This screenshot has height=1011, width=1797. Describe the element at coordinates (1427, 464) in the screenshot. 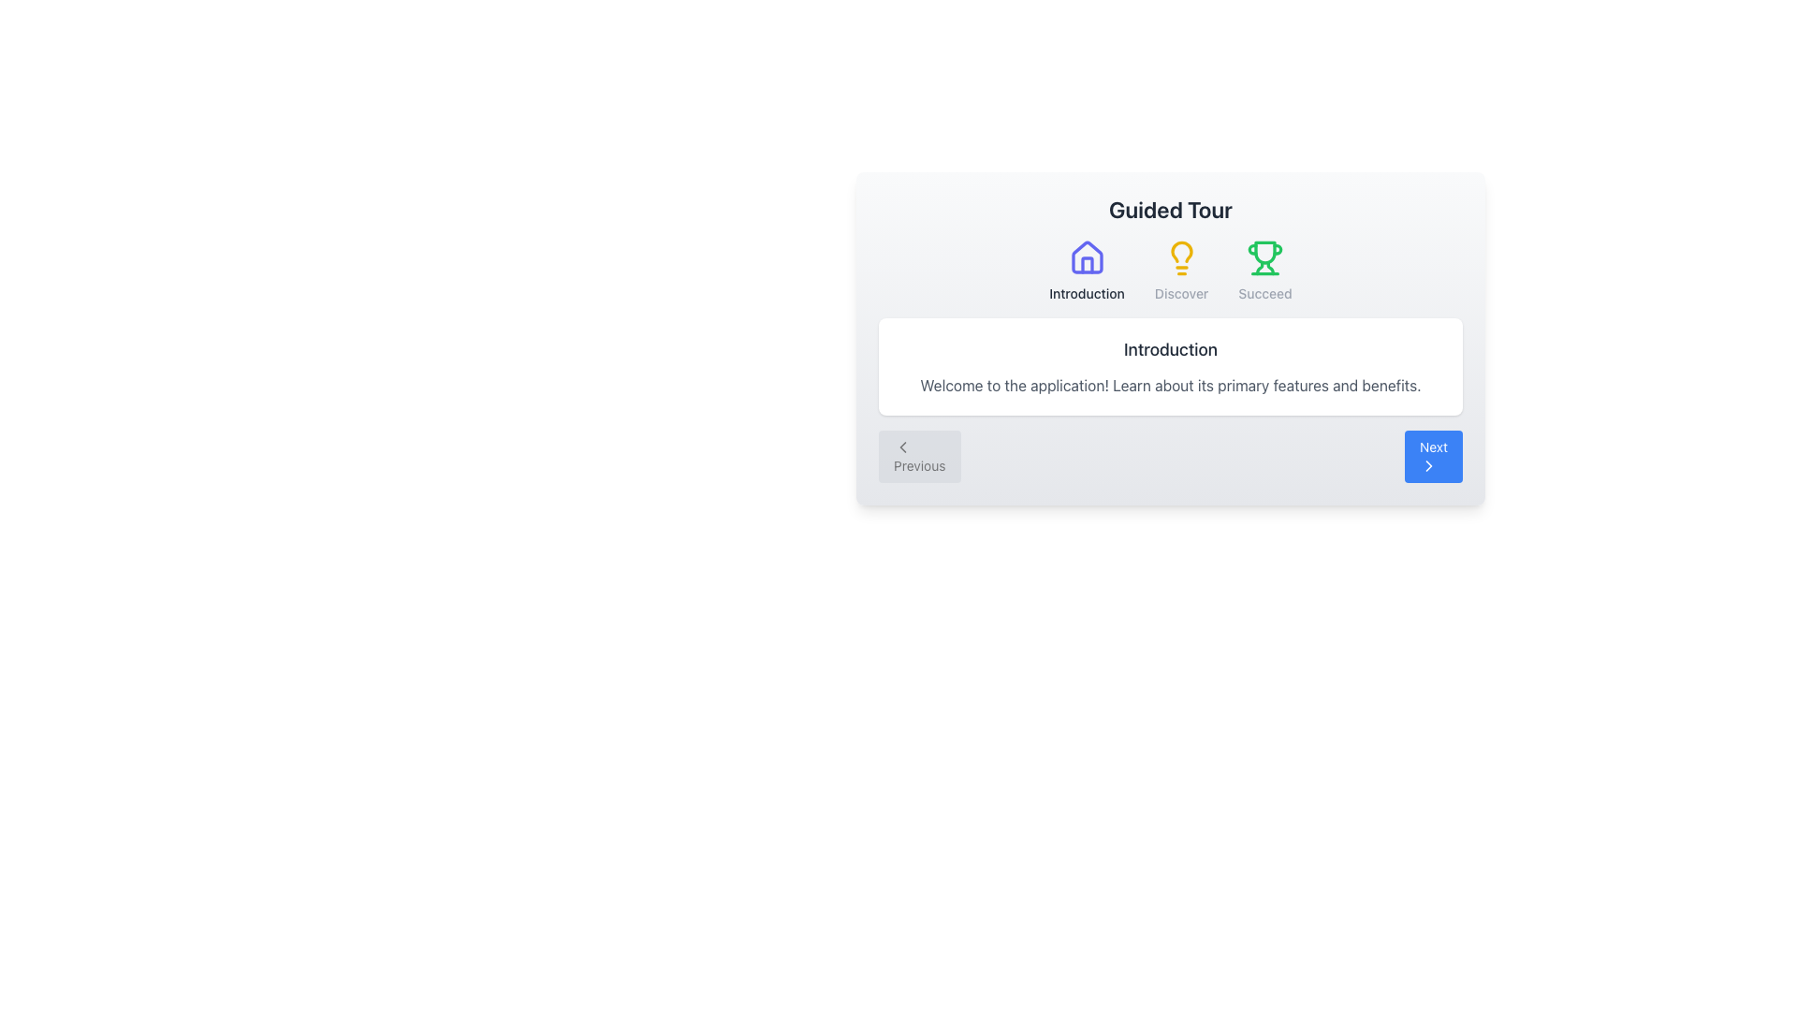

I see `the 'Next' button located in the bottom-right corner of the guided tour interface, which features a small graphical arrow symbol pointing to the right` at that location.